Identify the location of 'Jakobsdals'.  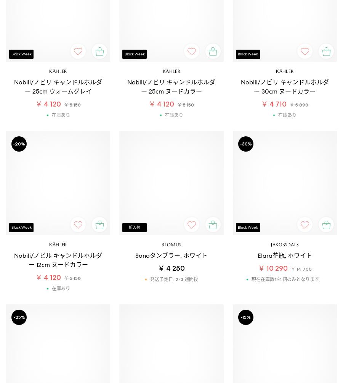
(284, 244).